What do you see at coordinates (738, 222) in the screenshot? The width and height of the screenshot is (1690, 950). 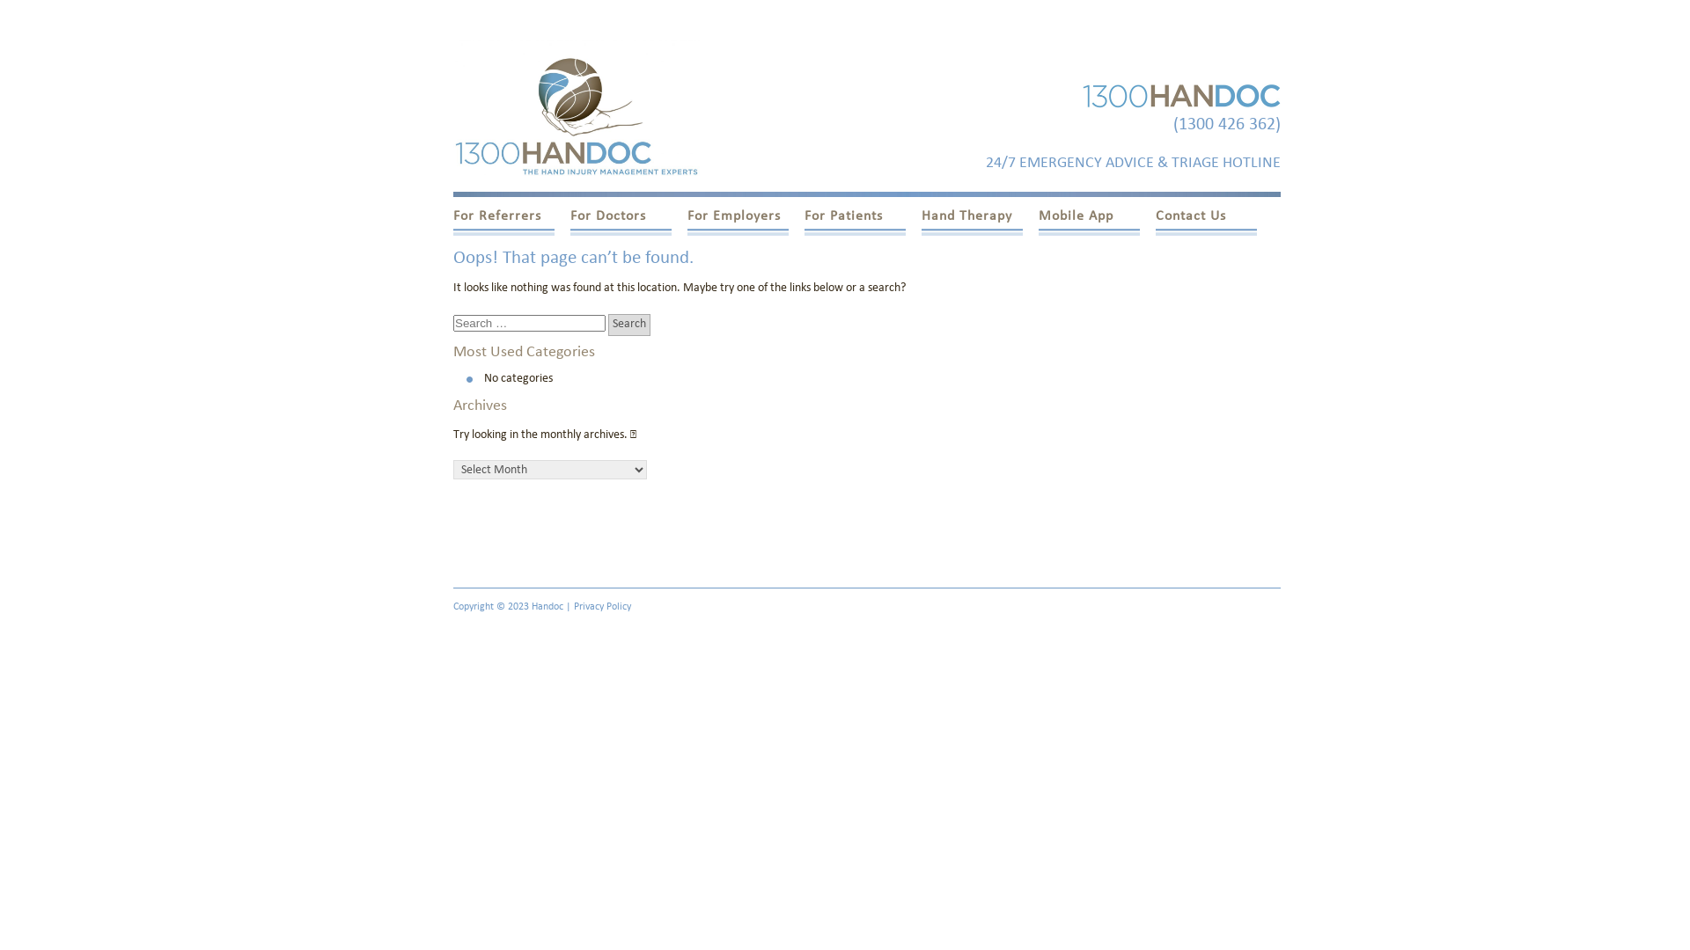 I see `'For Employers'` at bounding box center [738, 222].